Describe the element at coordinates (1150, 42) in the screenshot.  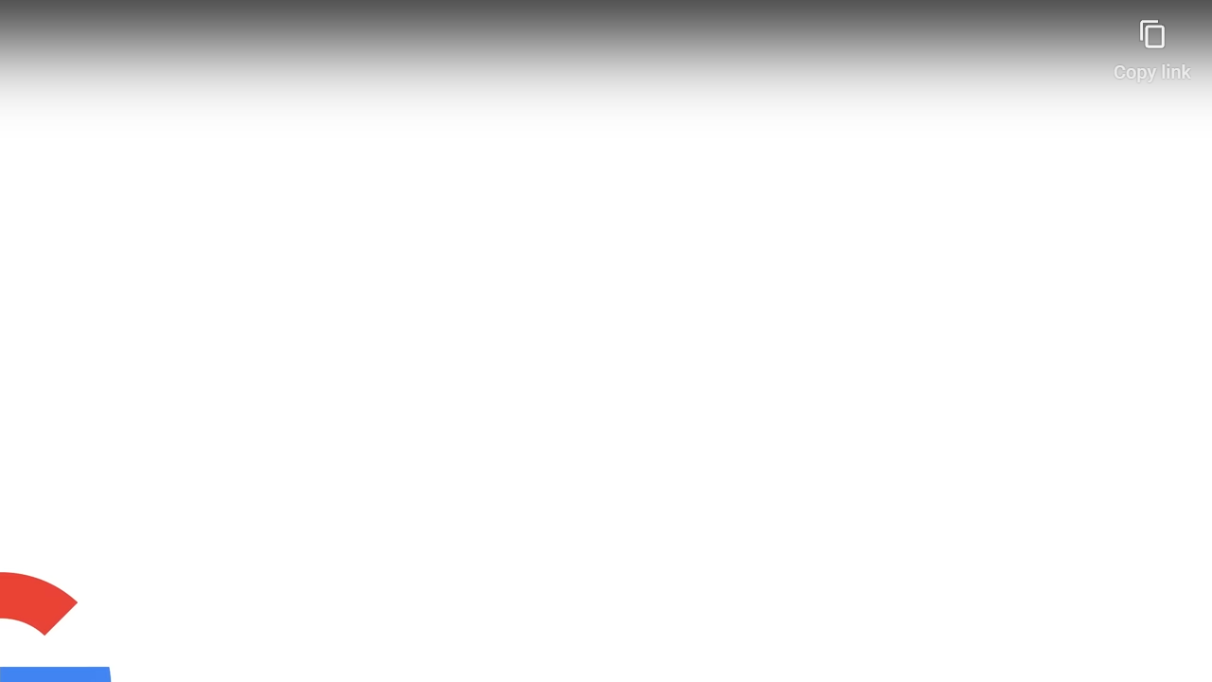
I see `'Copy link'` at that location.